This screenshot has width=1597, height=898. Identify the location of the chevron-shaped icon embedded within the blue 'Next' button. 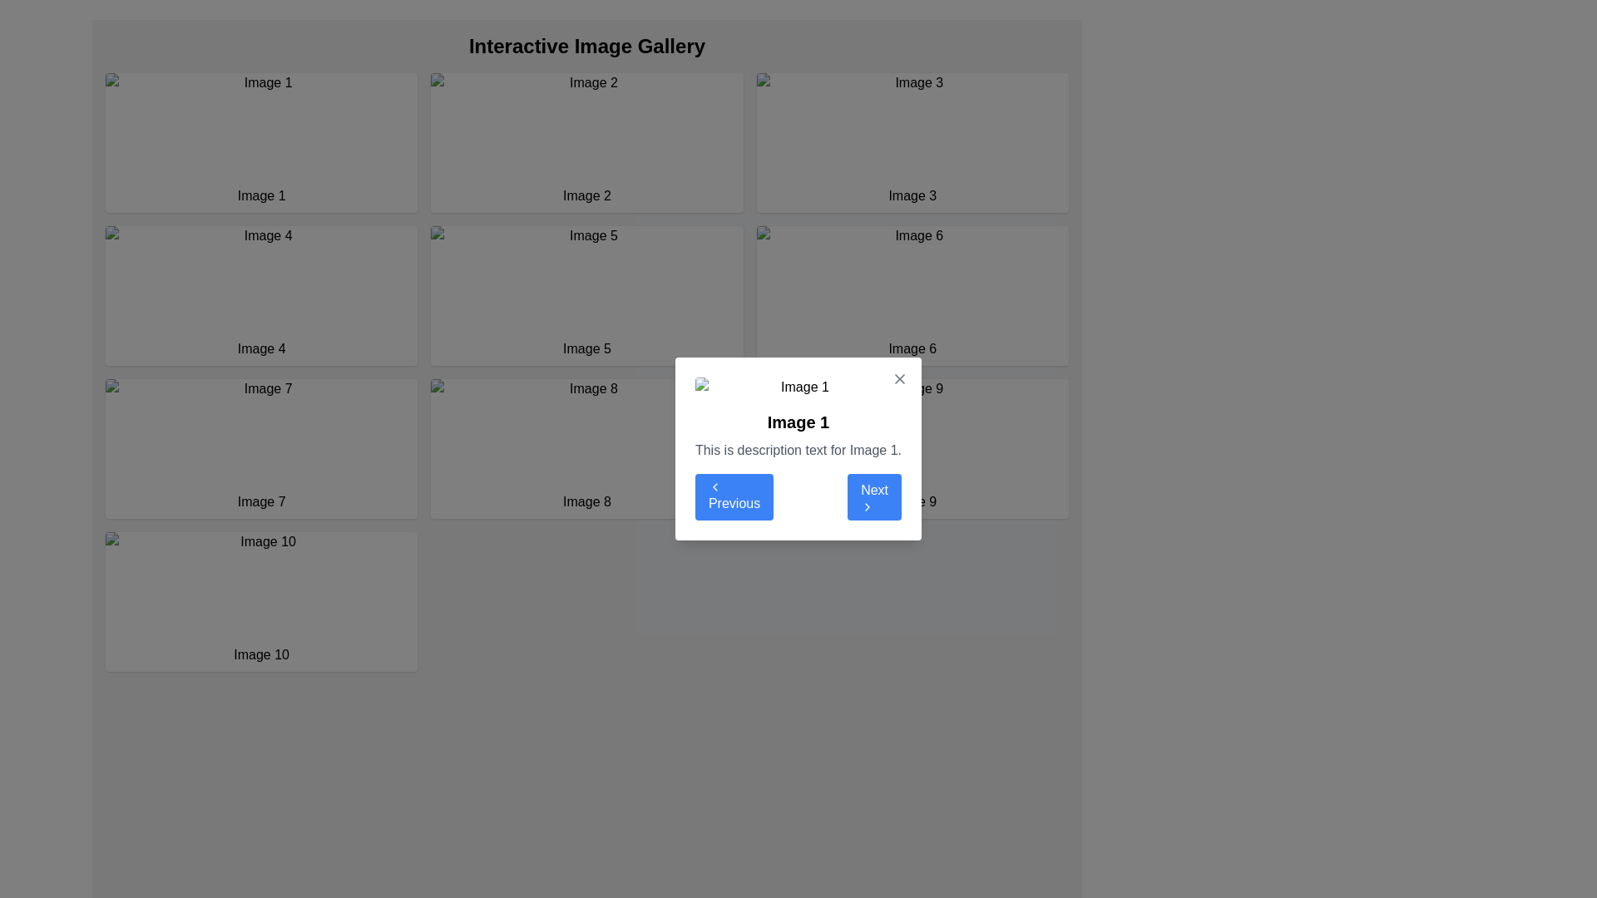
(867, 506).